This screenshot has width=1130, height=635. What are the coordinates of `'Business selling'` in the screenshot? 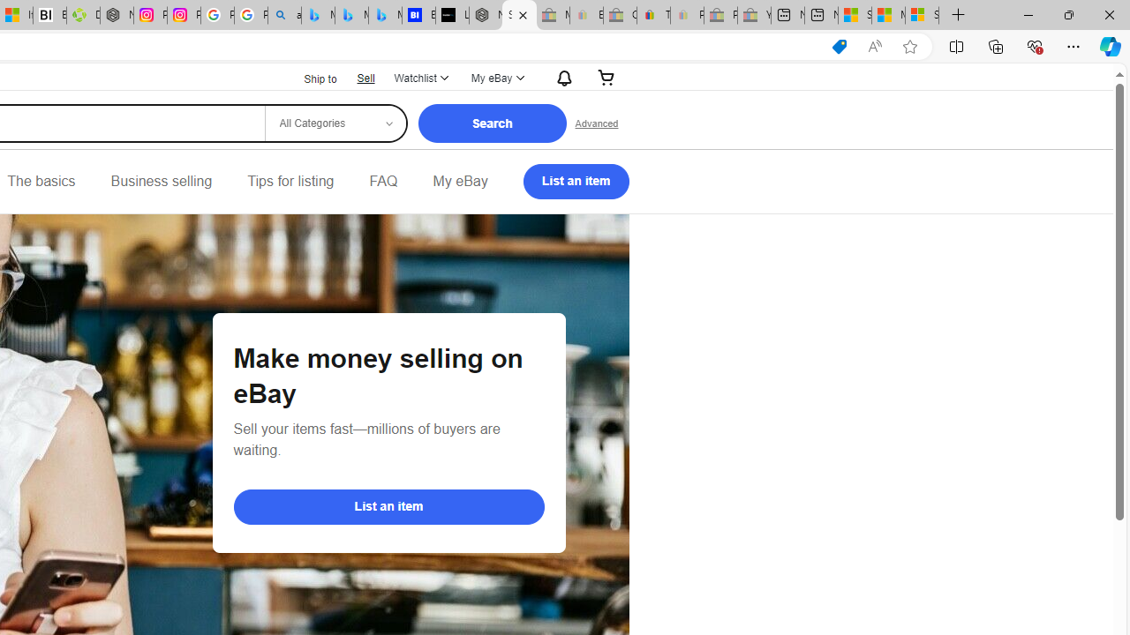 It's located at (162, 181).